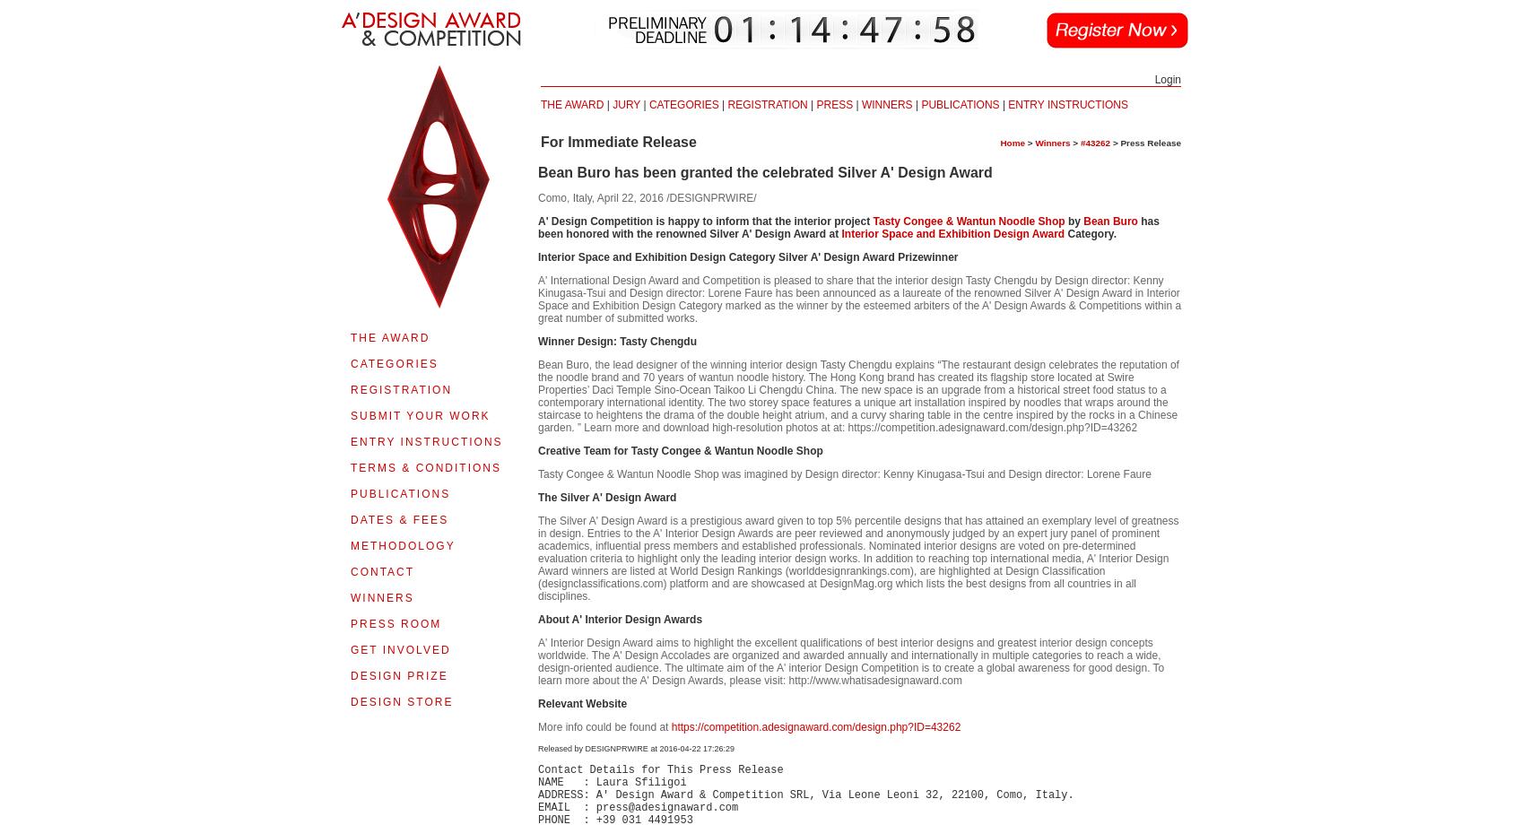  Describe the element at coordinates (402, 545) in the screenshot. I see `'METHODOLOGY'` at that location.